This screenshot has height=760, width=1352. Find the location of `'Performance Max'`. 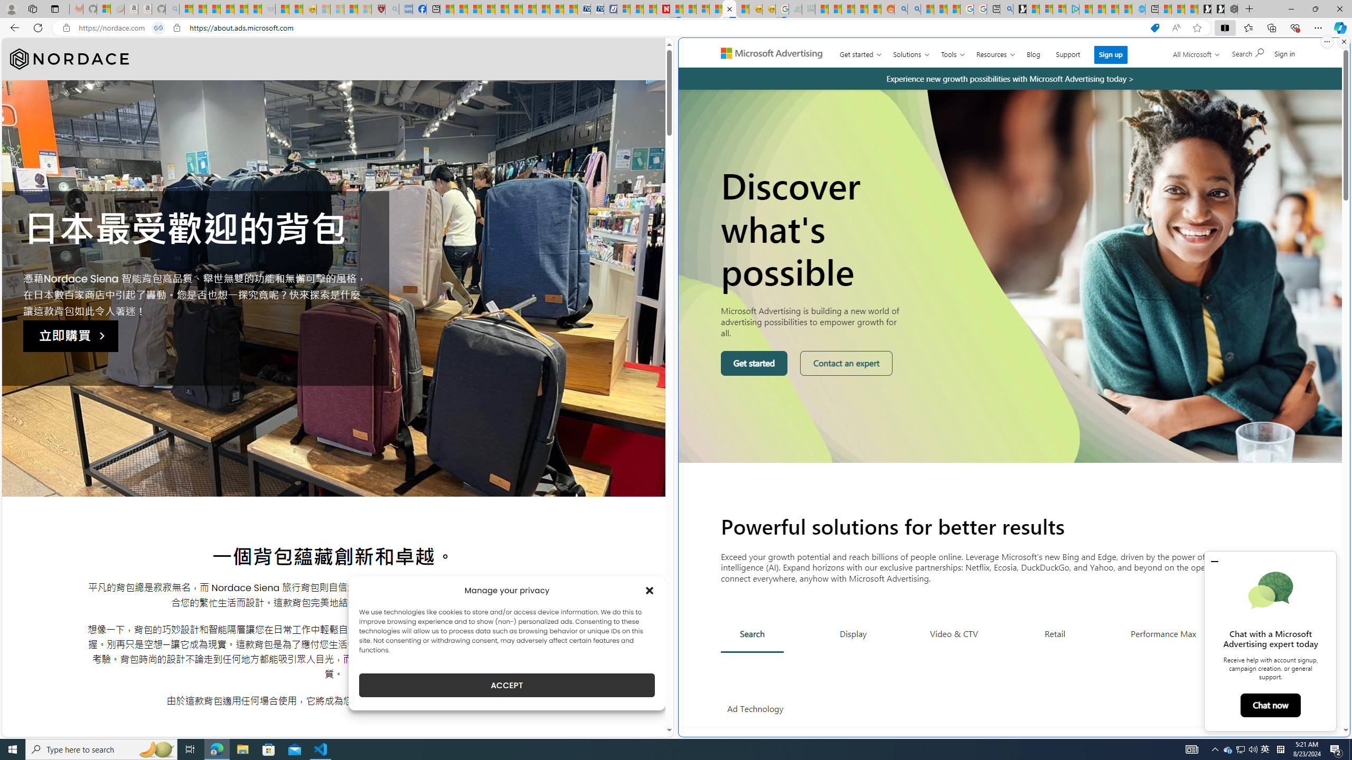

'Performance Max' is located at coordinates (1162, 633).